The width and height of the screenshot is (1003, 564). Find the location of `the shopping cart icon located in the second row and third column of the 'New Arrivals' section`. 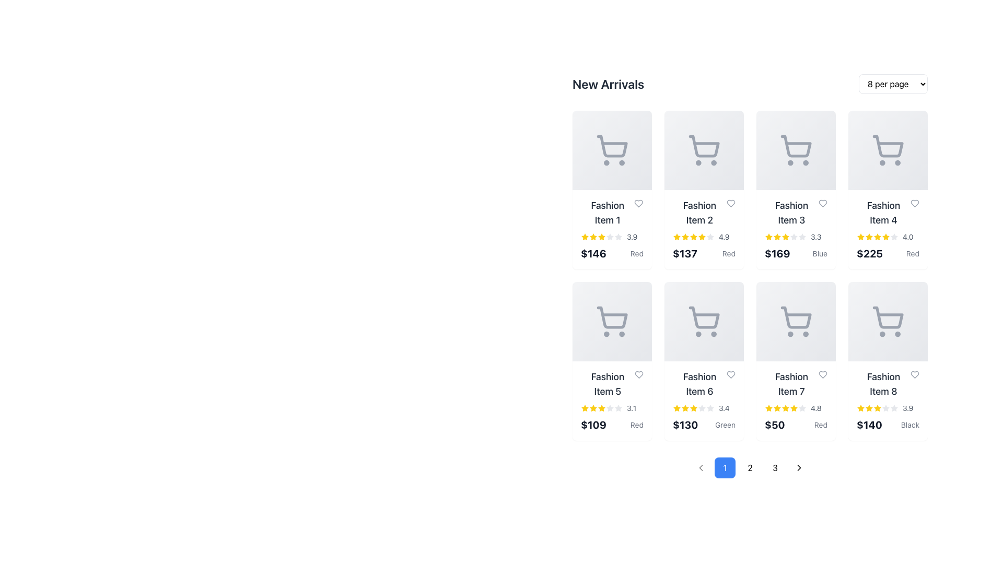

the shopping cart icon located in the second row and third column of the 'New Arrivals' section is located at coordinates (704, 317).